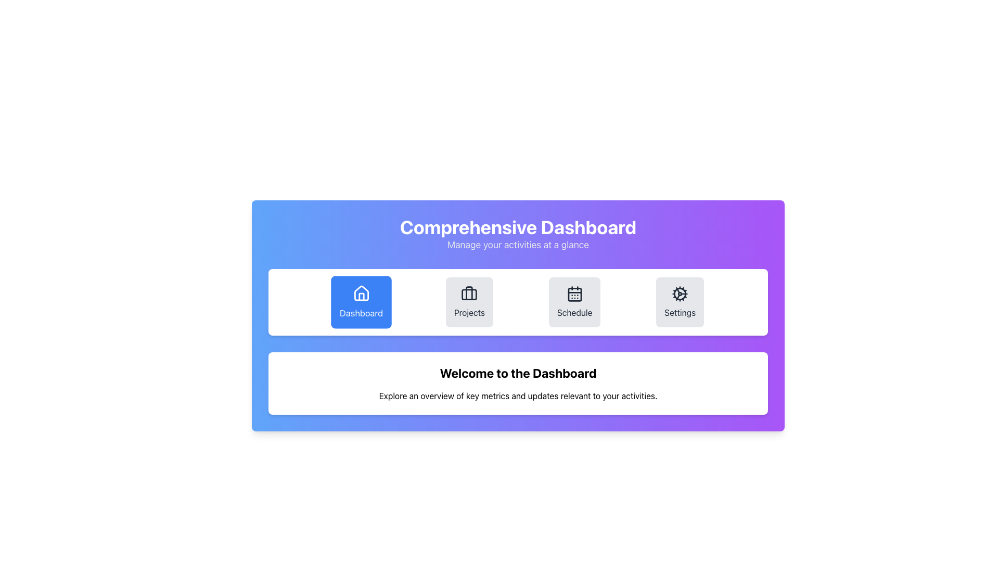 This screenshot has width=999, height=562. Describe the element at coordinates (574, 295) in the screenshot. I see `the central rectangular shape with rounded corners within the calendar icon of the 'Schedule' section in the Dashboard` at that location.